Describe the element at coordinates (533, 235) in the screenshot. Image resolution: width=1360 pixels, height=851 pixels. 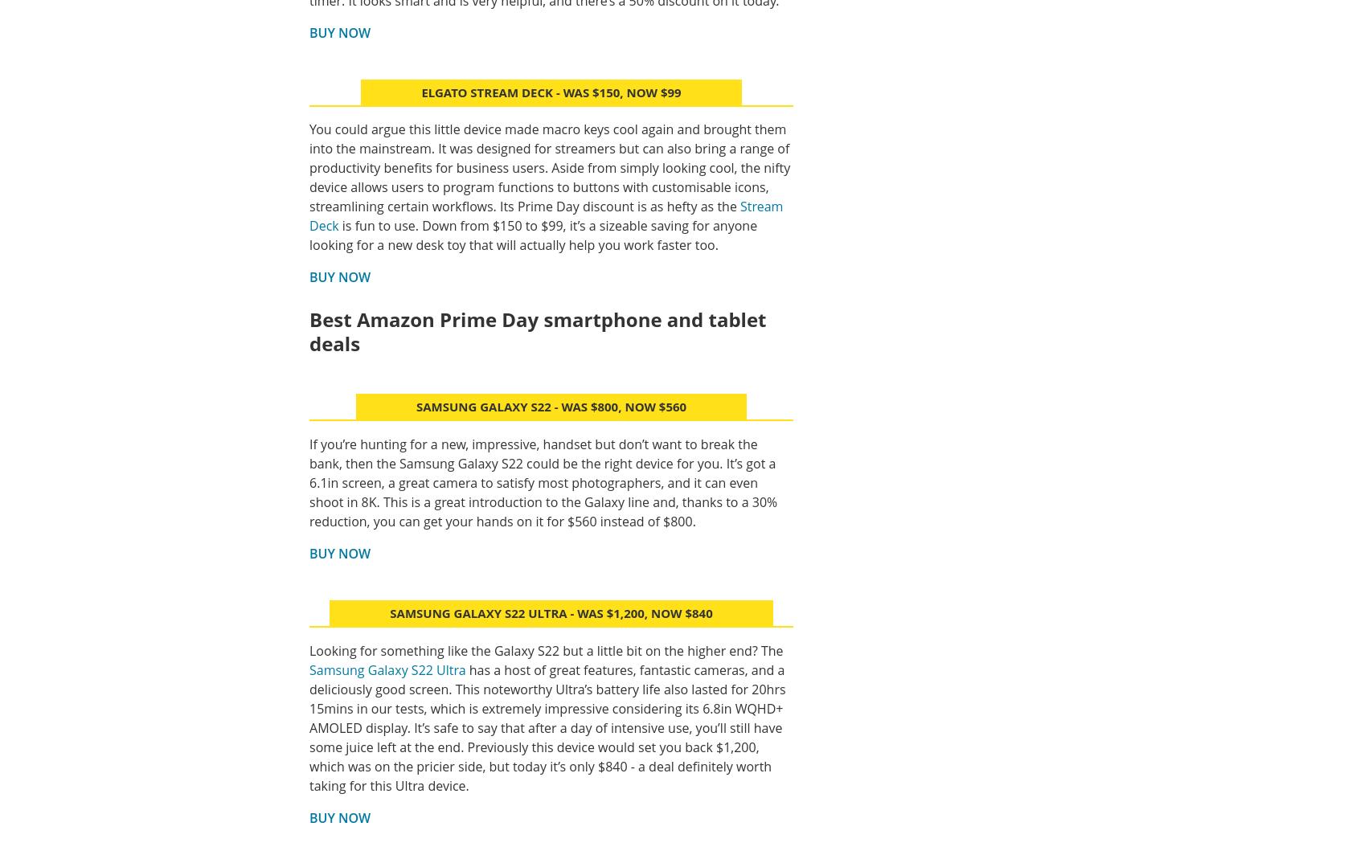
I see `'is fun to use. Down from $150 to $99, it’s a sizeable saving for anyone looking for a new desk toy that will actually help you work faster too.'` at that location.